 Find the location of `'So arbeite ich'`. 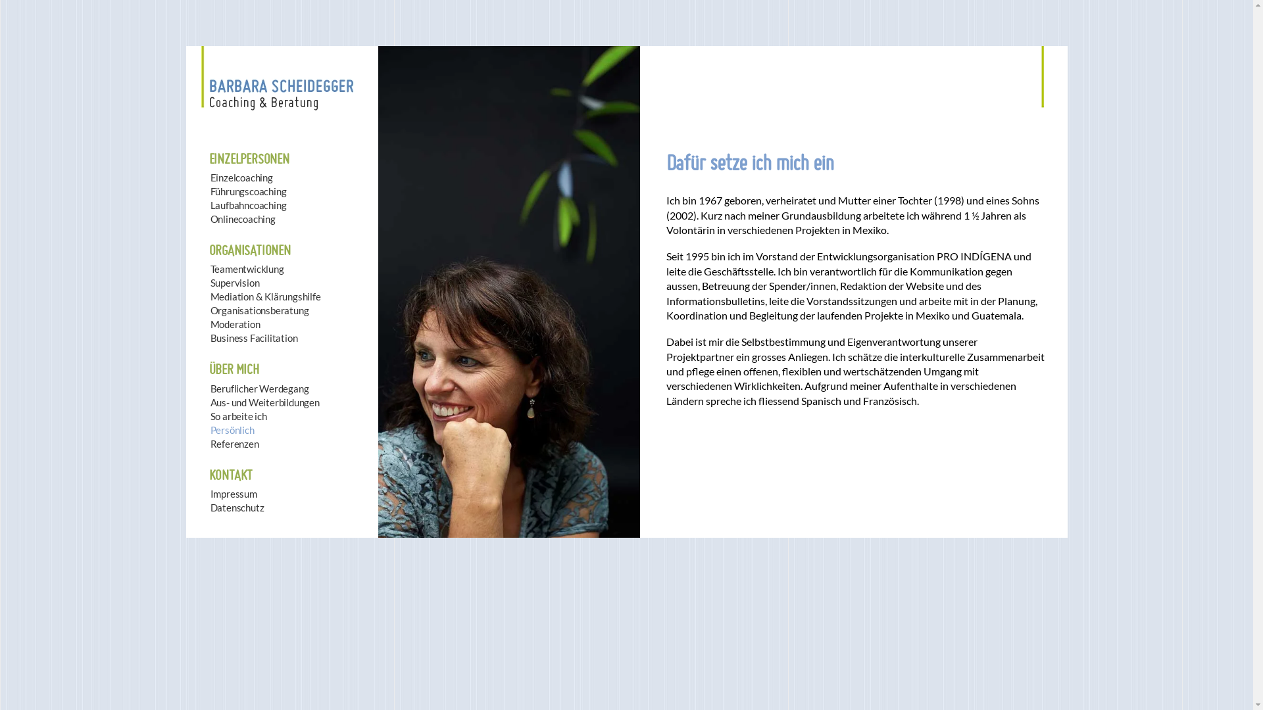

'So arbeite ich' is located at coordinates (210, 416).